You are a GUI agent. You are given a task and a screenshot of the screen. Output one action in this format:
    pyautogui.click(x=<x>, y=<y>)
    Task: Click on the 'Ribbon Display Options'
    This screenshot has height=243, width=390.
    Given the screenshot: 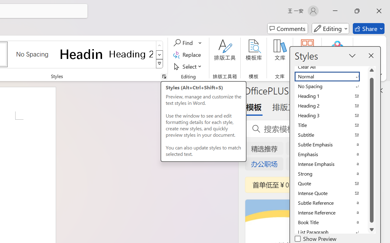 What is the action you would take?
    pyautogui.click(x=379, y=74)
    